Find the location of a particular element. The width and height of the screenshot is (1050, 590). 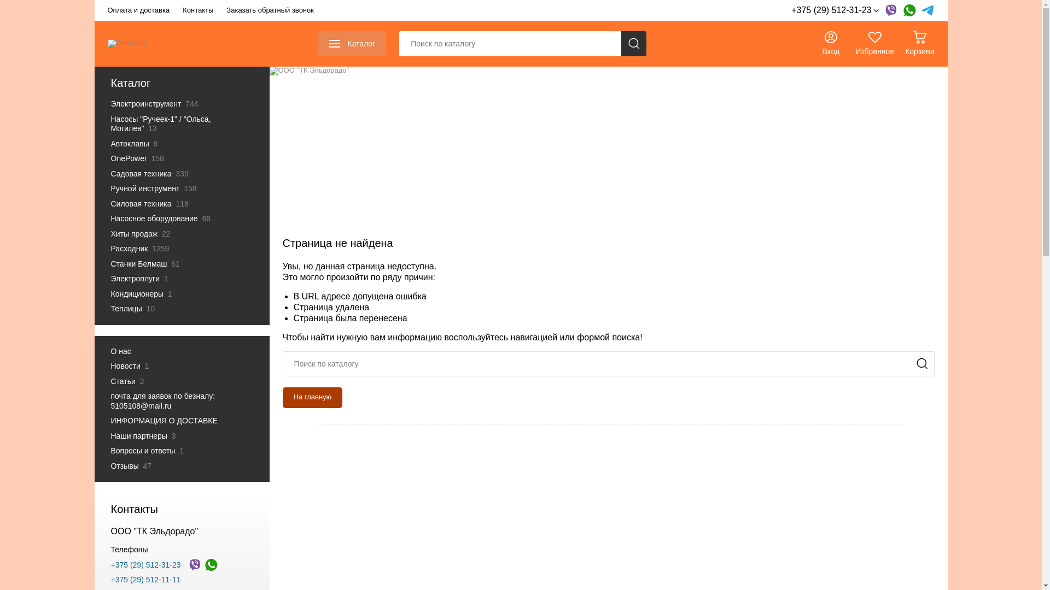

'OnePower  158' is located at coordinates (176, 158).